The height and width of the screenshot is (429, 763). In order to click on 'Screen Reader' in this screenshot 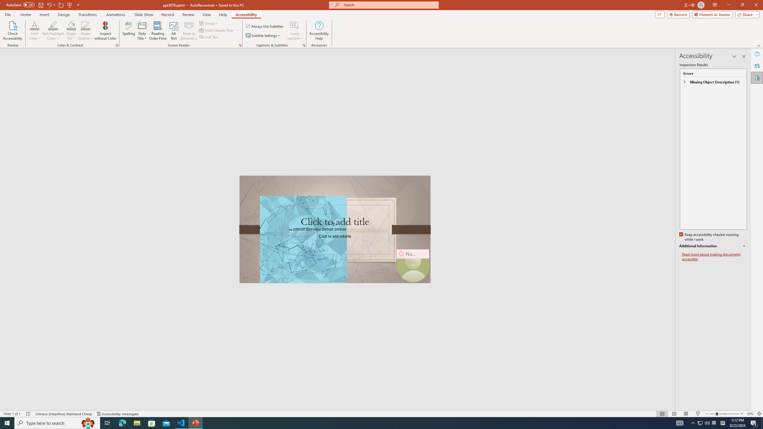, I will do `click(240, 45)`.